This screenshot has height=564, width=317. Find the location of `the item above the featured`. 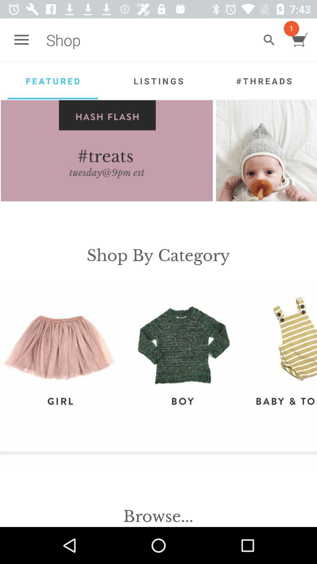

the item above the featured is located at coordinates (21, 40).